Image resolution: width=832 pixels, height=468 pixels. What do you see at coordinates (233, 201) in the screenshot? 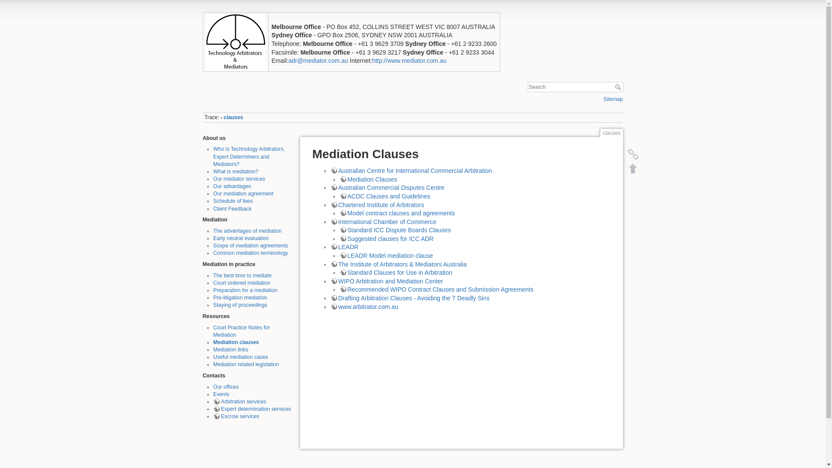
I see `'Schedule of fees'` at bounding box center [233, 201].